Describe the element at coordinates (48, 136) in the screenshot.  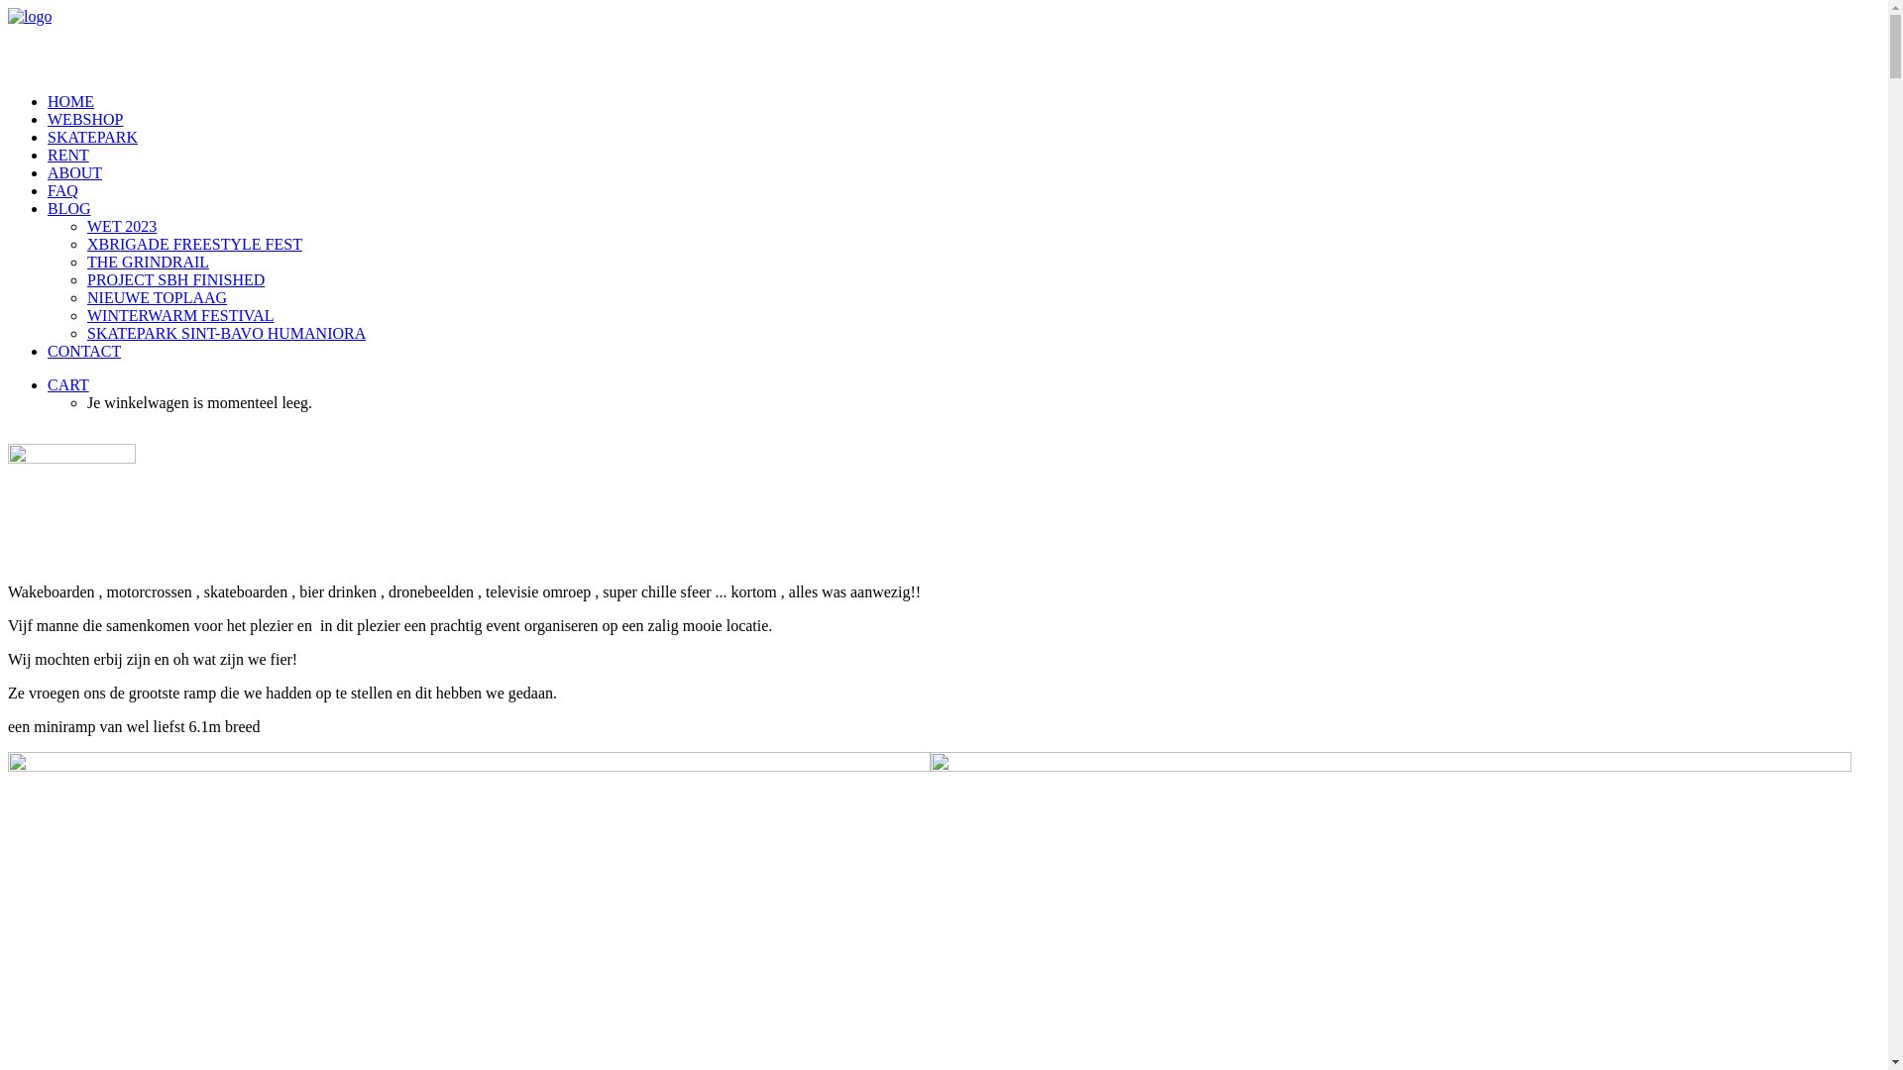
I see `'SKATEPARK'` at that location.